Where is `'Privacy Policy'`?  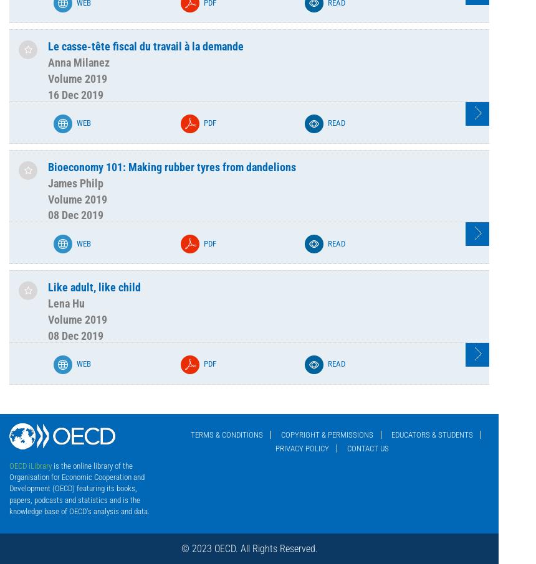 'Privacy Policy' is located at coordinates (302, 448).